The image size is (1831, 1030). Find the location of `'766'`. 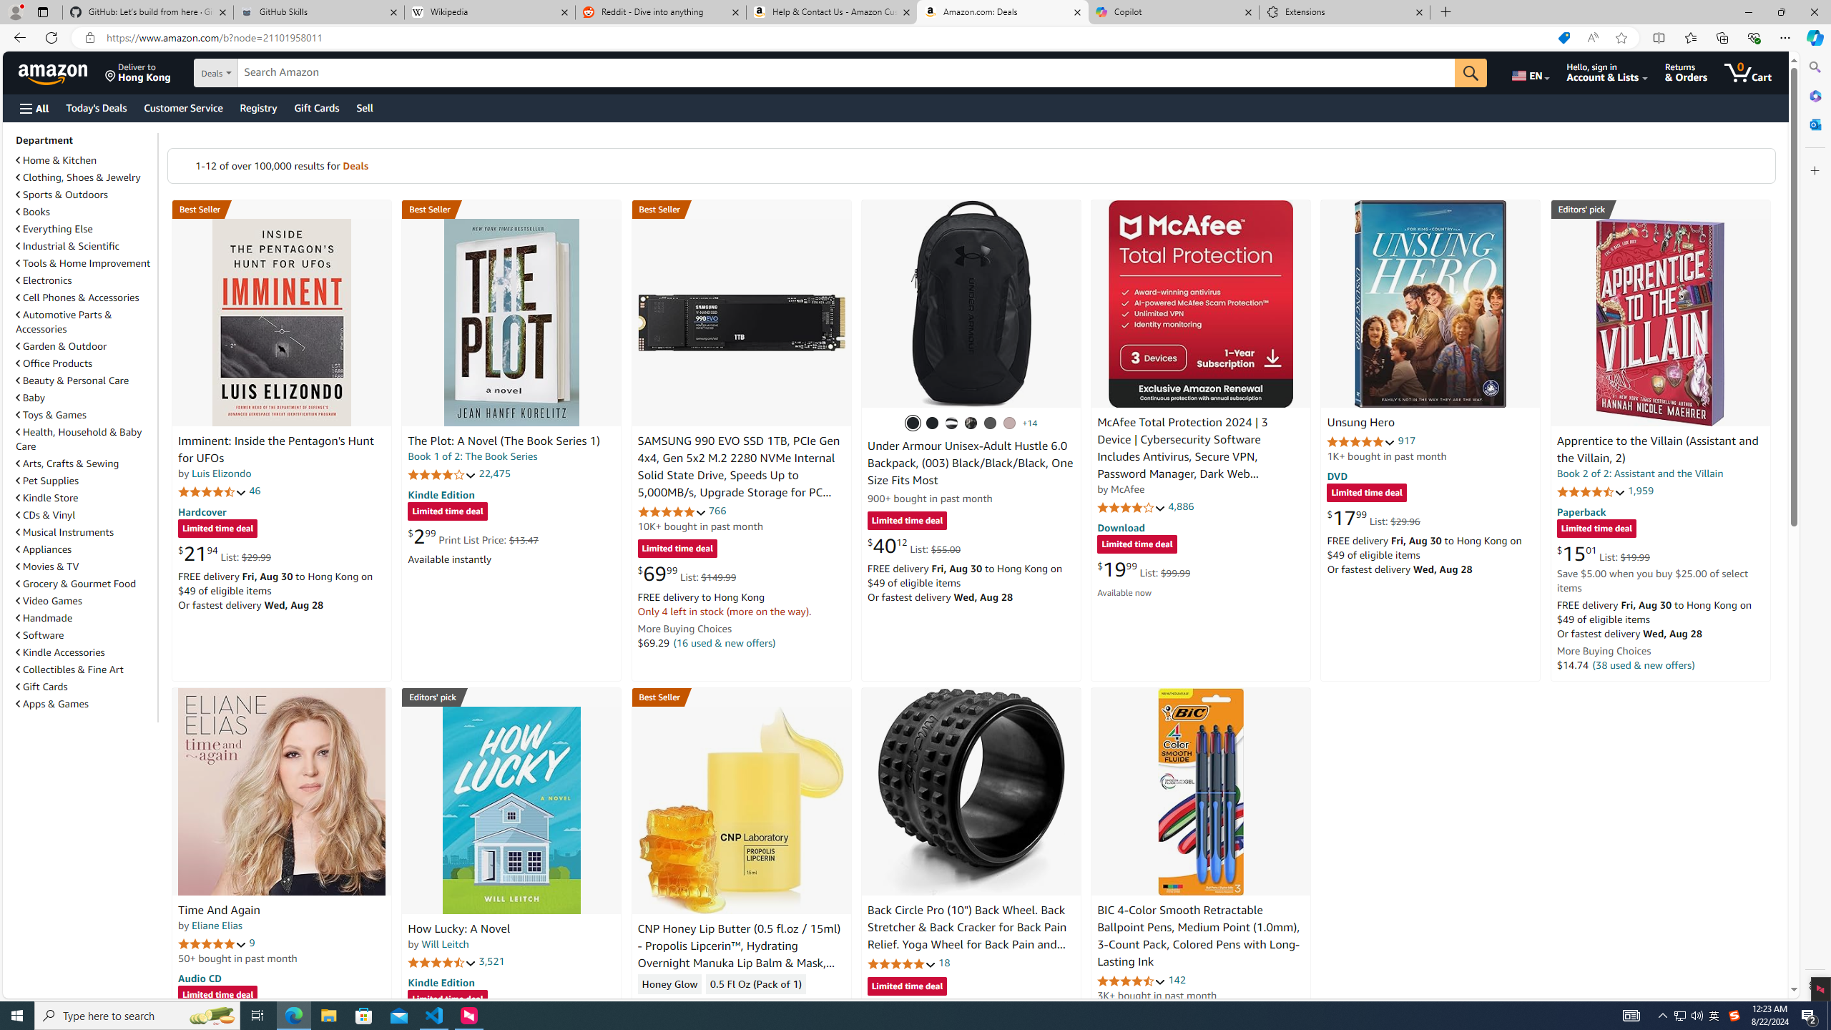

'766' is located at coordinates (717, 510).